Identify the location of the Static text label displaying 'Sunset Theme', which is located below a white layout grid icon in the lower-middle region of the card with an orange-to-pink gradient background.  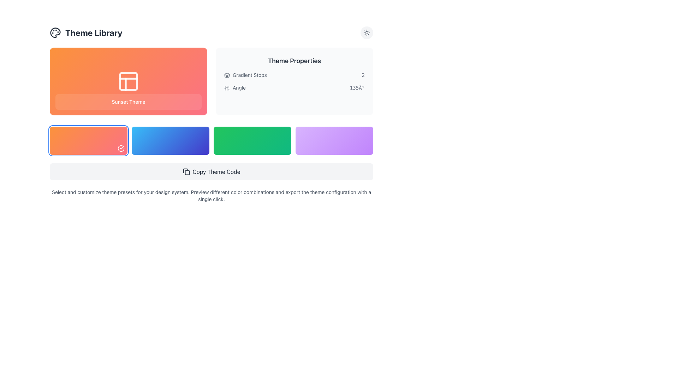
(129, 102).